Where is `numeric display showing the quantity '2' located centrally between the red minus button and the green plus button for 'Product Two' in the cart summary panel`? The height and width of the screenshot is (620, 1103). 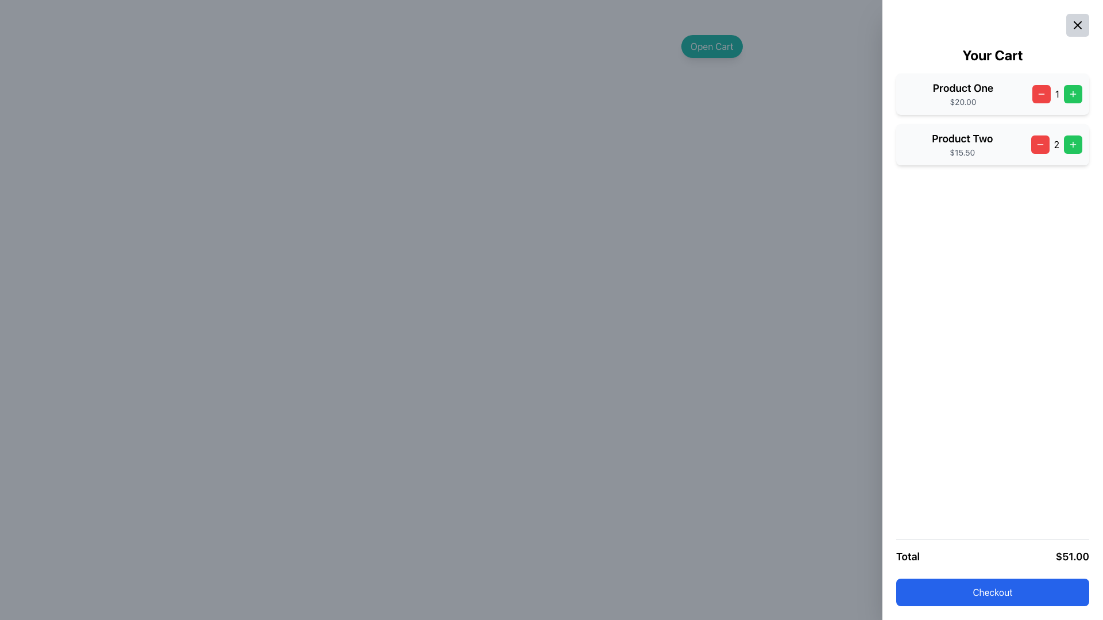
numeric display showing the quantity '2' located centrally between the red minus button and the green plus button for 'Product Two' in the cart summary panel is located at coordinates (1056, 144).